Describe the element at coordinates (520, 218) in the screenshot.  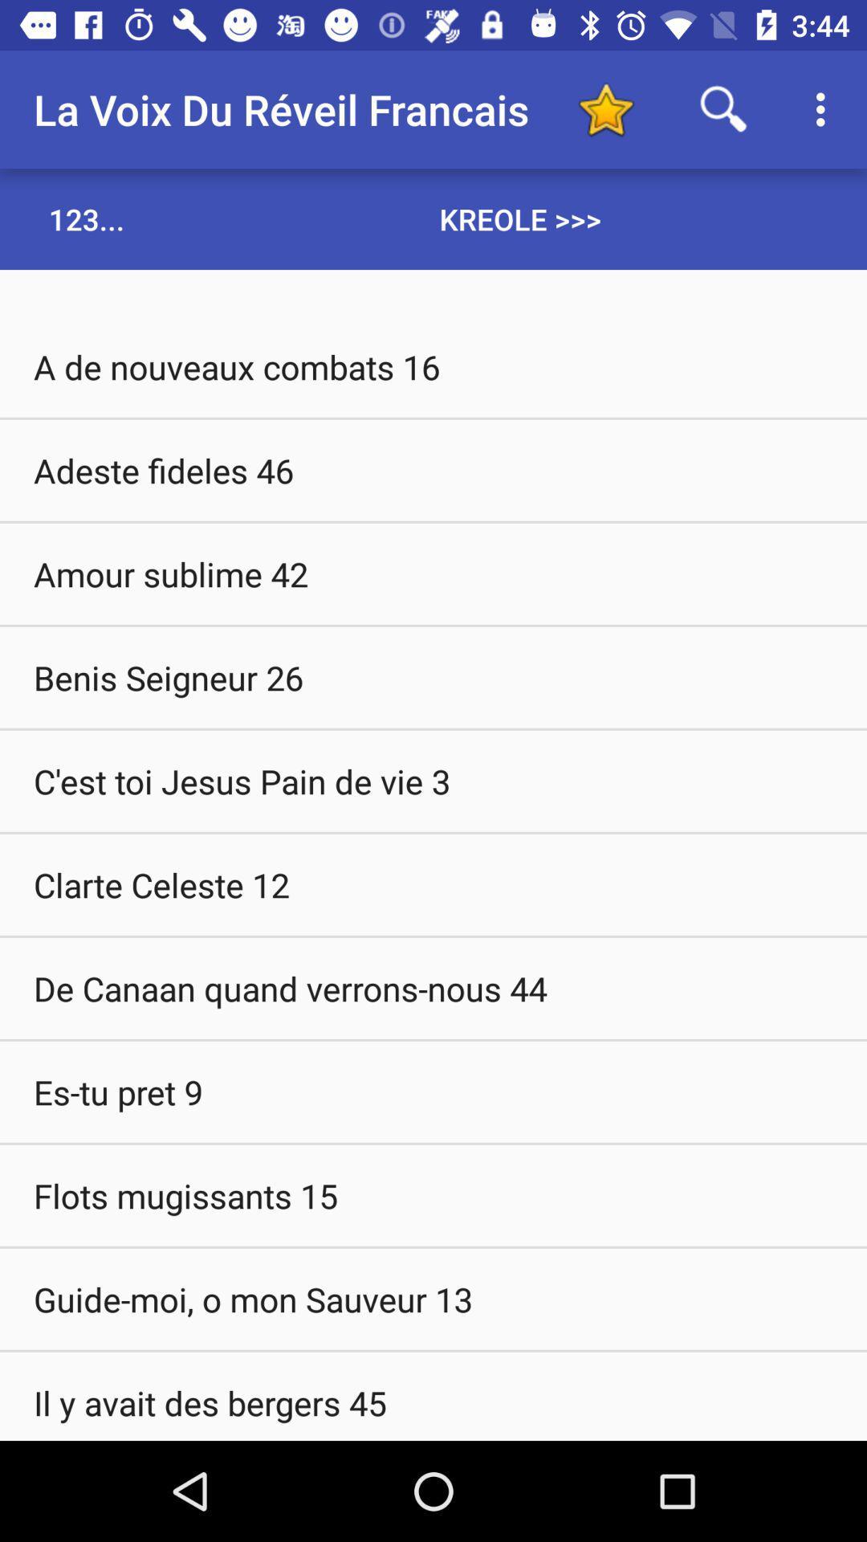
I see `the icon to the right of the 123...` at that location.